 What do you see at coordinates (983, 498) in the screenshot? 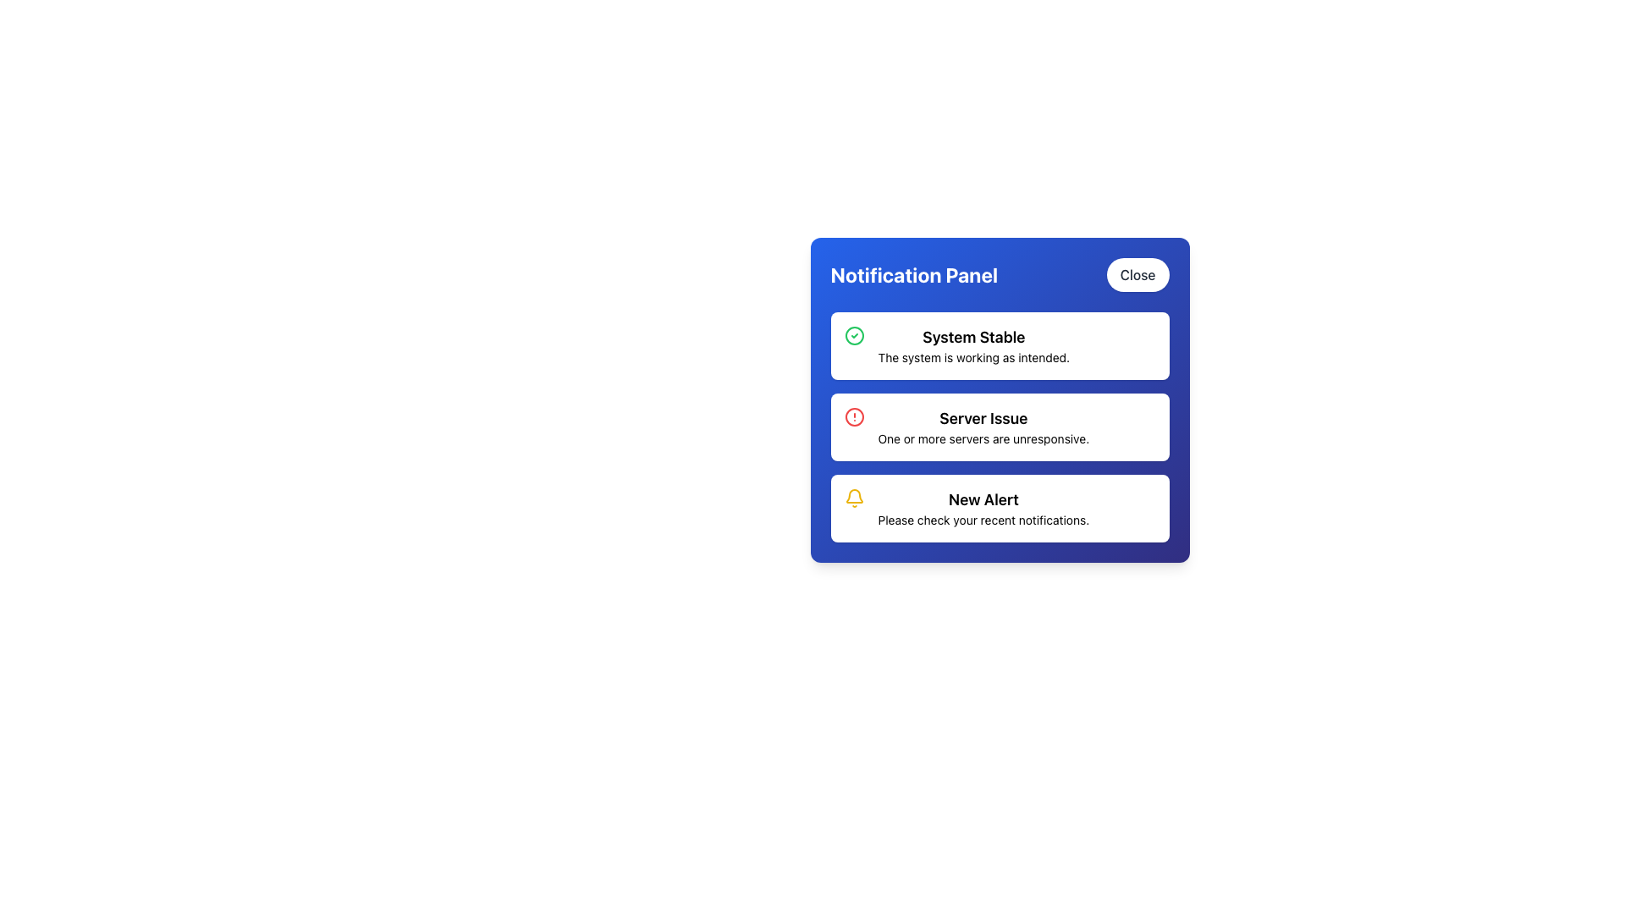
I see `the Text Label that serves as the title for the notification card located at the bottom of the Notification Panel, positioned to the left of a yellow bell icon, above a smaller descriptive text` at bounding box center [983, 498].